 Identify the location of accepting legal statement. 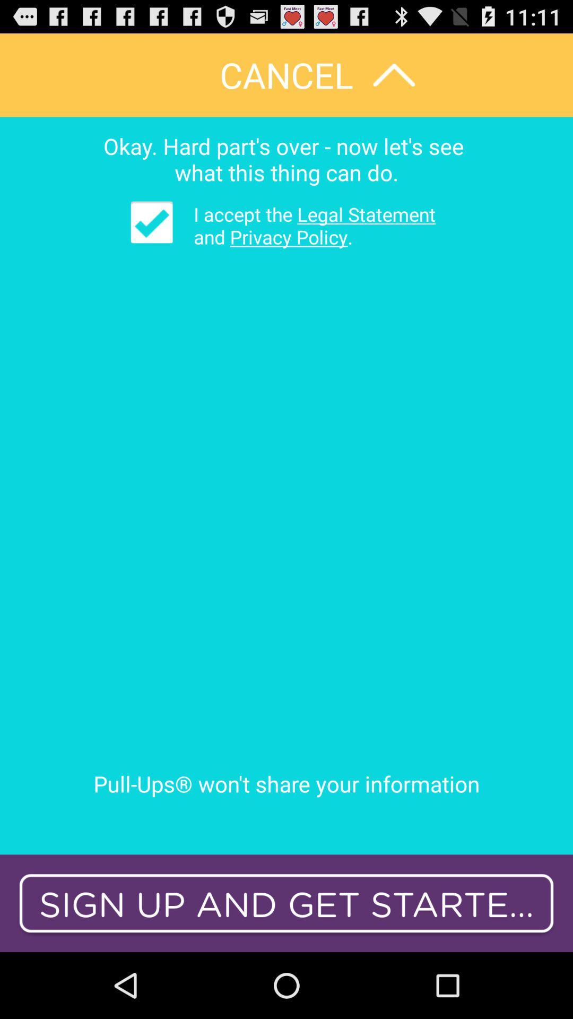
(152, 221).